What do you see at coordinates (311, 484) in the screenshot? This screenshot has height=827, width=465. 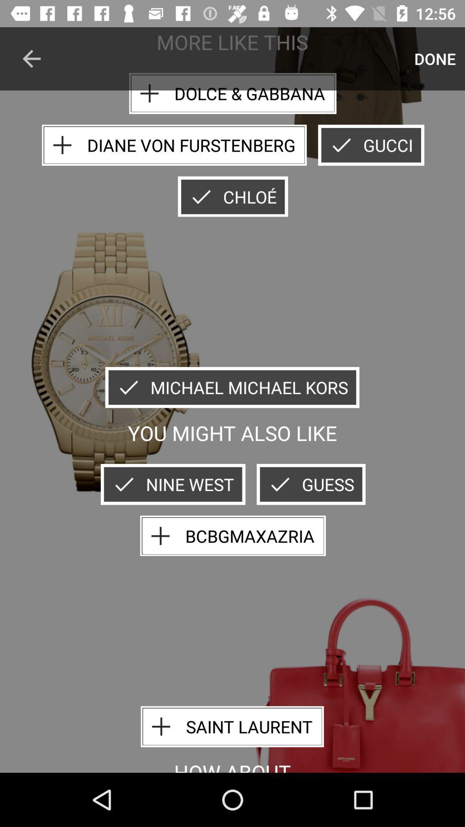 I see `item above the bcbgmaxazria` at bounding box center [311, 484].